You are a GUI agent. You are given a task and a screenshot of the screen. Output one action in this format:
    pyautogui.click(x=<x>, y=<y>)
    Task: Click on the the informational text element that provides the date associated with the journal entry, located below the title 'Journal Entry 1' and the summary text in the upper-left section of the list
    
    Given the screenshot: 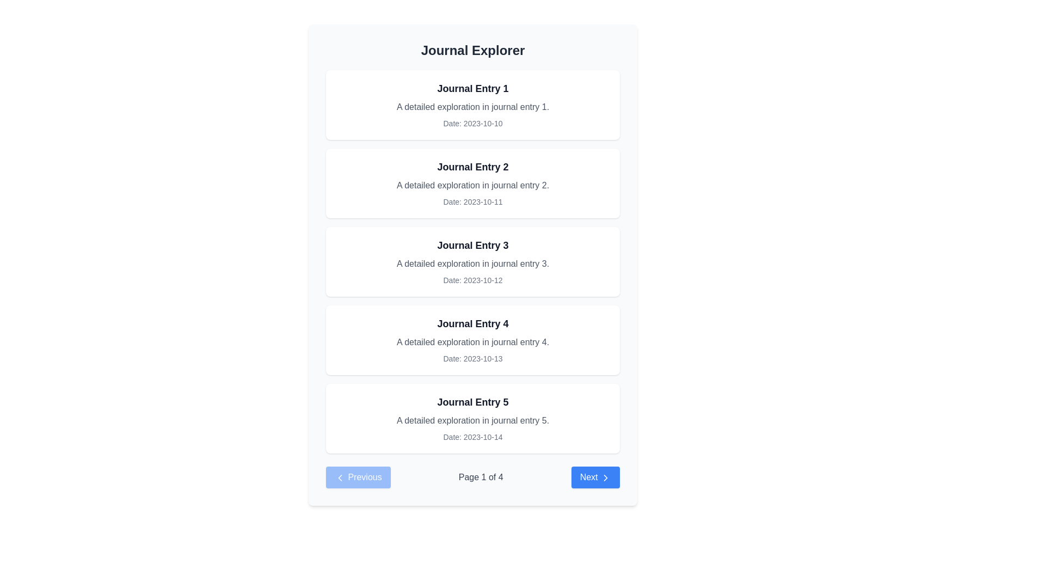 What is the action you would take?
    pyautogui.click(x=472, y=123)
    